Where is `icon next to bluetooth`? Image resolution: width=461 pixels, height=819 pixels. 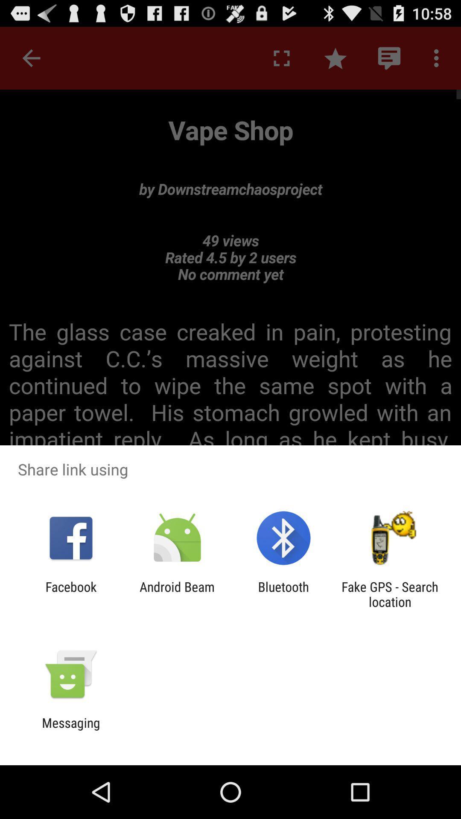
icon next to bluetooth is located at coordinates (390, 594).